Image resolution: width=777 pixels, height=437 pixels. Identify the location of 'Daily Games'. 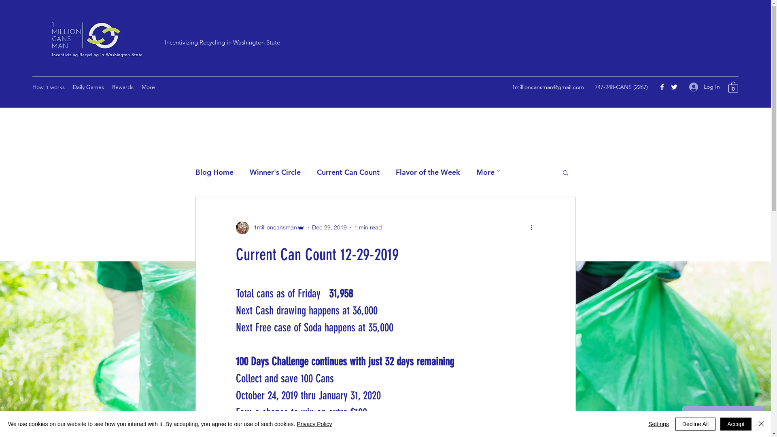
(88, 87).